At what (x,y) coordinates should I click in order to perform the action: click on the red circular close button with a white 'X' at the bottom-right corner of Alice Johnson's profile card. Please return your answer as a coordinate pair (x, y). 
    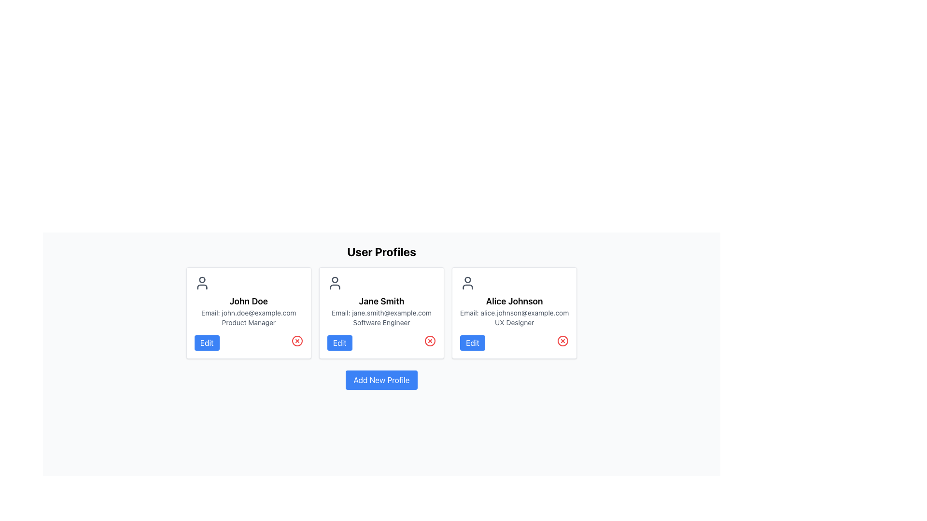
    Looking at the image, I should click on (563, 340).